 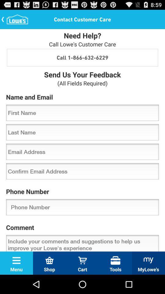 What do you see at coordinates (82, 112) in the screenshot?
I see `icon below the name and email icon` at bounding box center [82, 112].